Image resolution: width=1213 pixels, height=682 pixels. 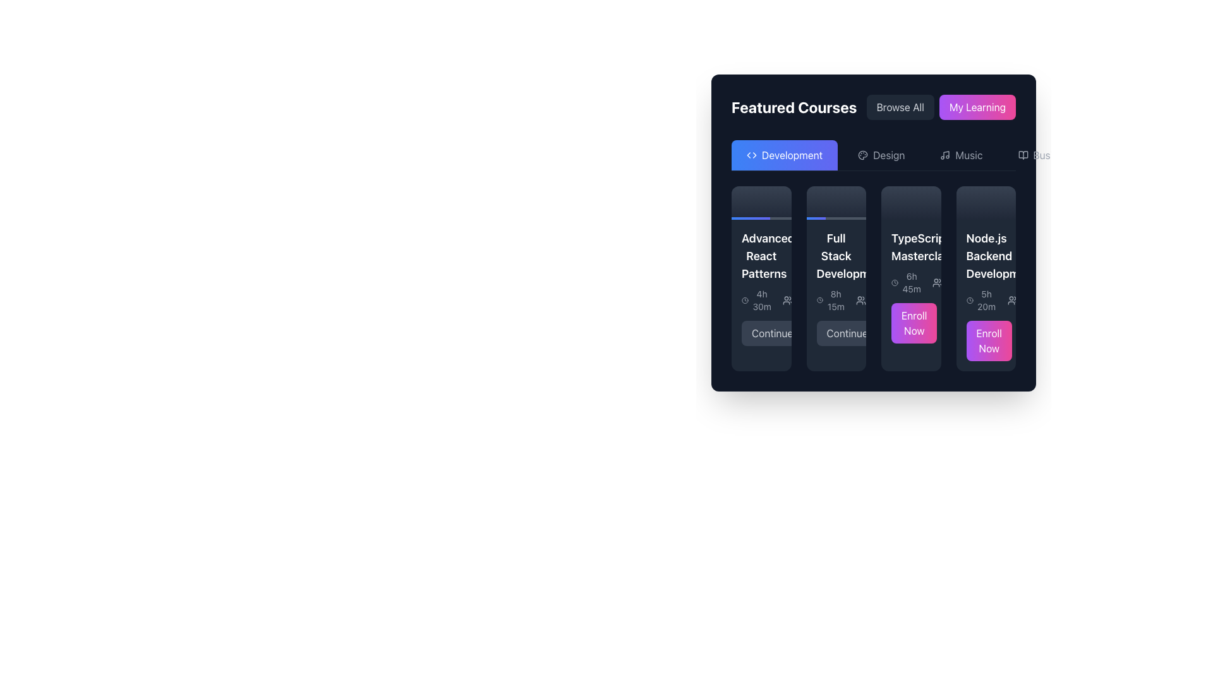 I want to click on the circular SVG element within the clock icon located to the right of the 'Node.js Backend Development' course card, so click(x=969, y=301).